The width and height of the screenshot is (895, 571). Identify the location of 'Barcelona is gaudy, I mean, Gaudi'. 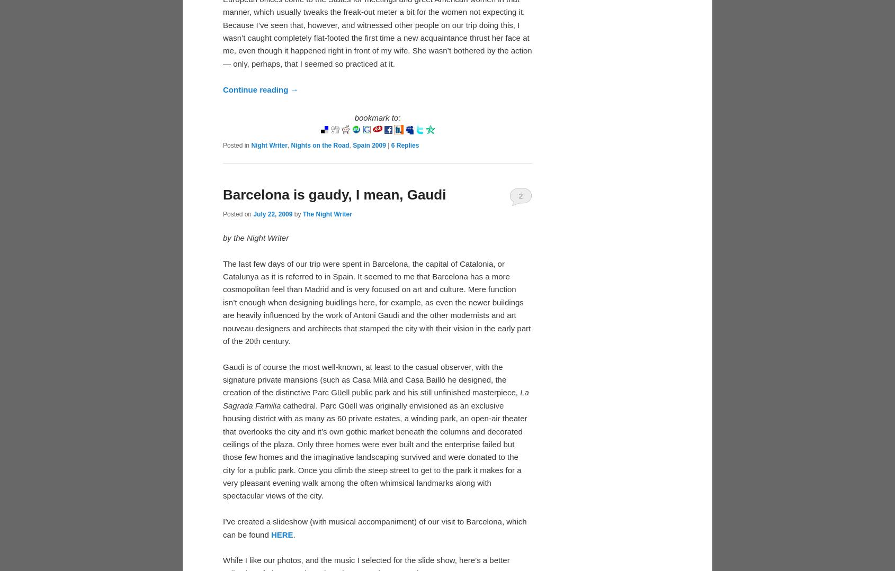
(222, 194).